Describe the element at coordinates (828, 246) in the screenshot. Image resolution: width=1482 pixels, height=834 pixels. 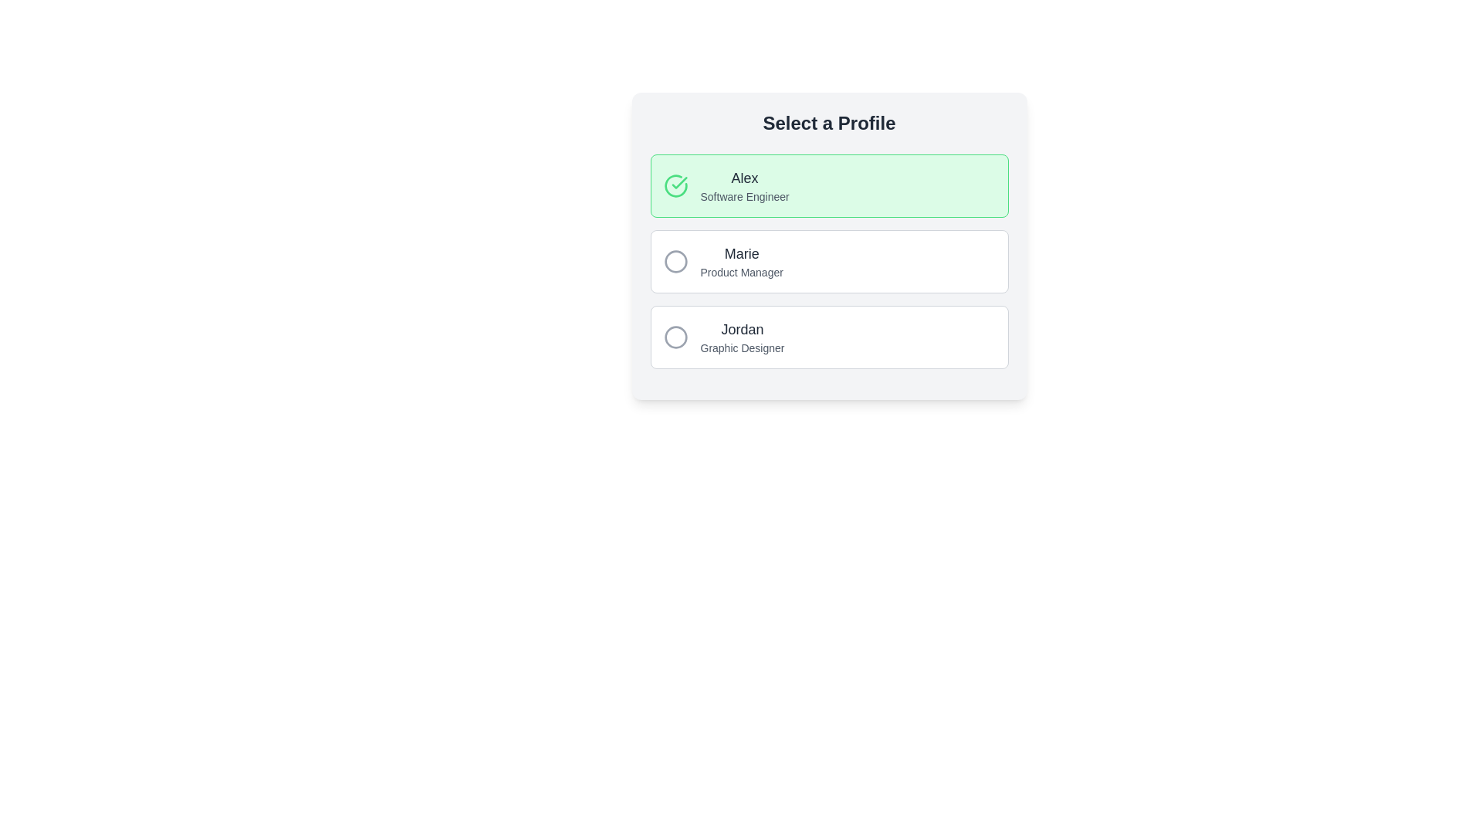
I see `the selectable item labeled 'Marie - Product Manager' in the profile selection list` at that location.